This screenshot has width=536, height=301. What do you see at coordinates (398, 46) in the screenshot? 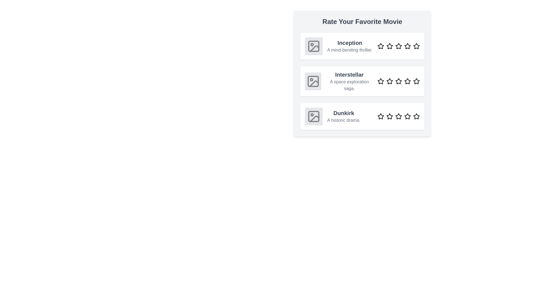
I see `the selectable star icon for the movie 'Inception' to set the rating in the 'Rate Your Favorite Movie' section` at bounding box center [398, 46].